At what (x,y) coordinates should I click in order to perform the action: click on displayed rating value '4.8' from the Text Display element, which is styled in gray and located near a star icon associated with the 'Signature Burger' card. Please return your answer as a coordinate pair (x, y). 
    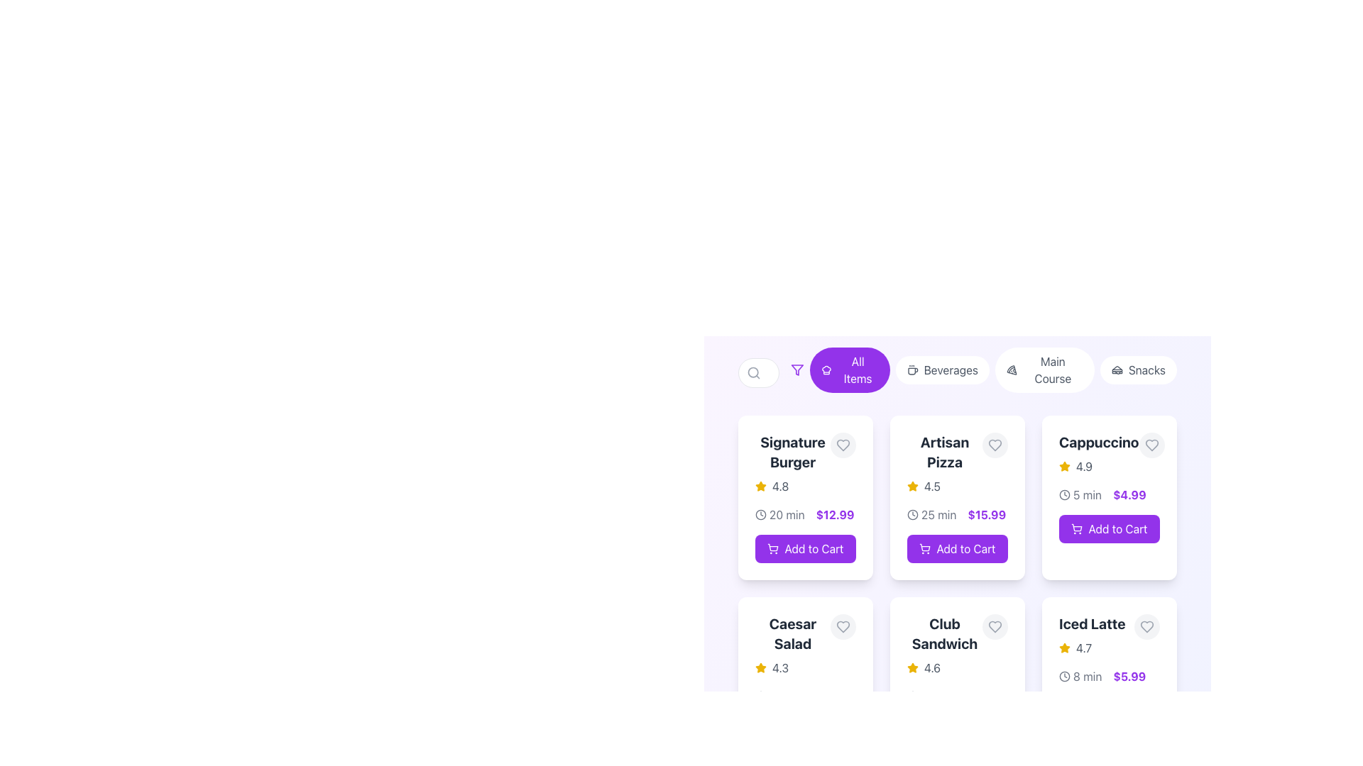
    Looking at the image, I should click on (779, 486).